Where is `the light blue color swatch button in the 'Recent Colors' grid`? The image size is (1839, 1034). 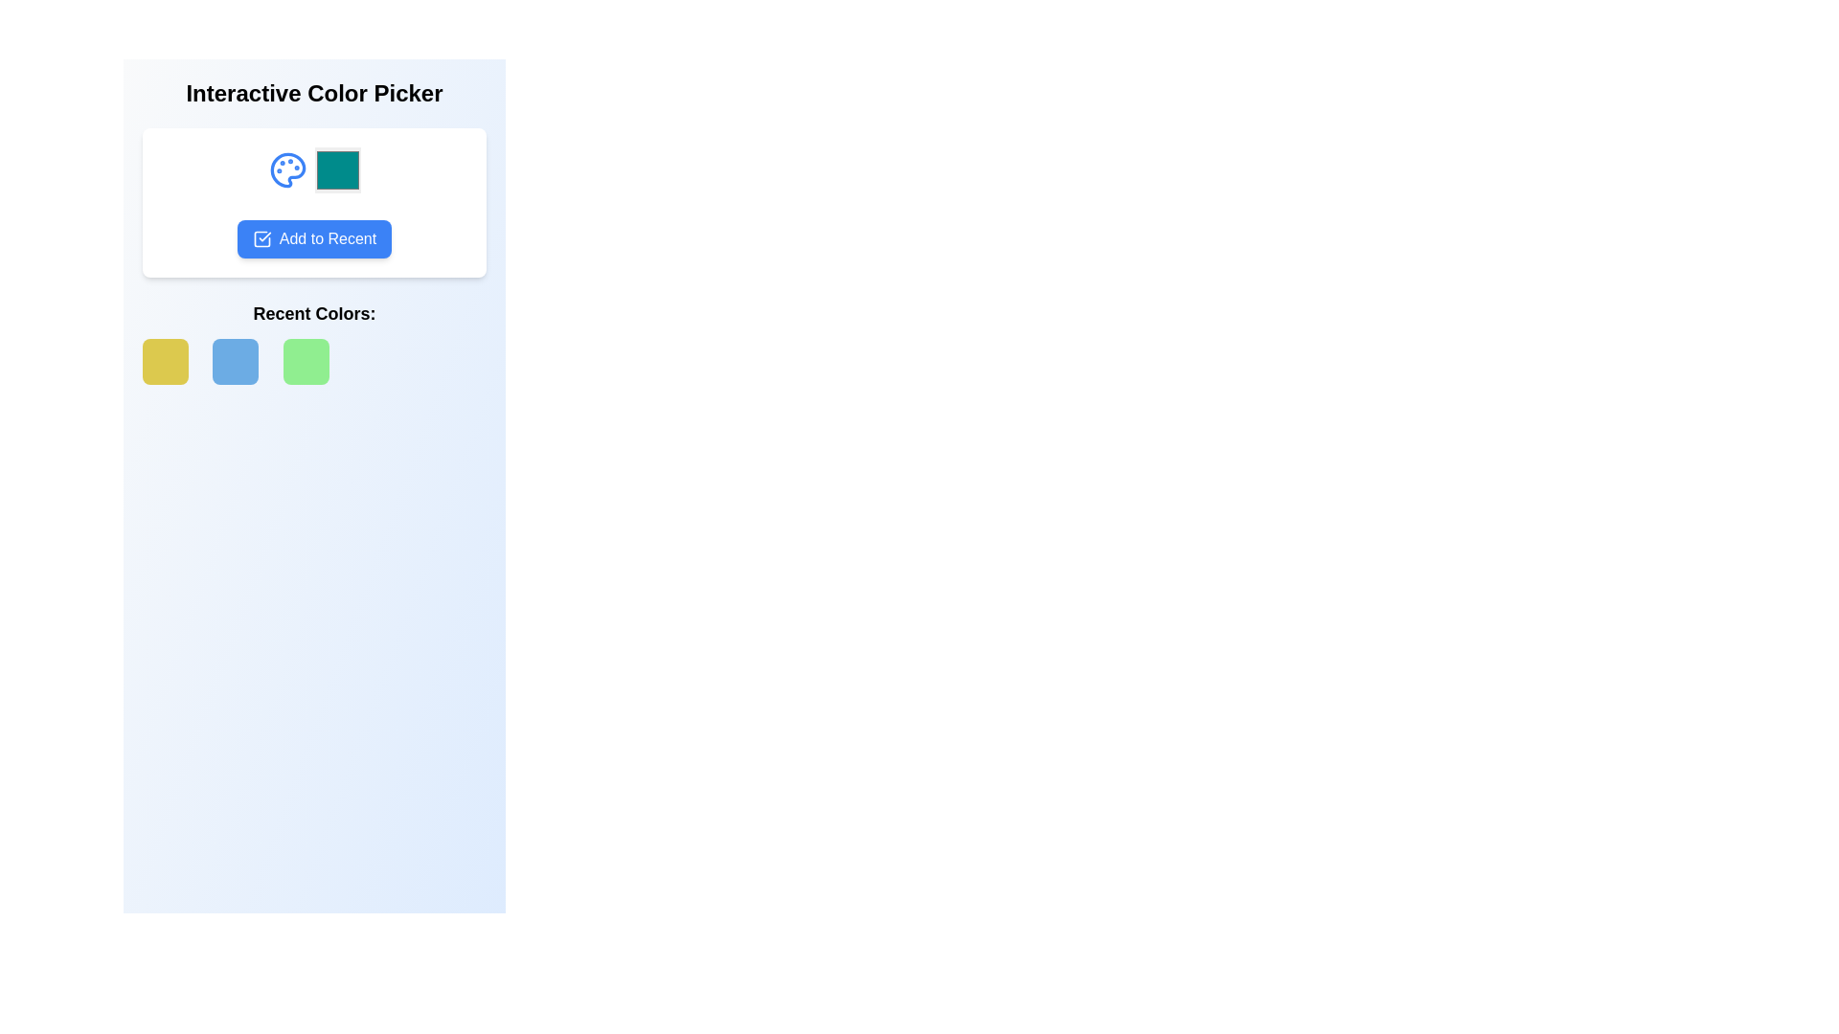 the light blue color swatch button in the 'Recent Colors' grid is located at coordinates (235, 362).